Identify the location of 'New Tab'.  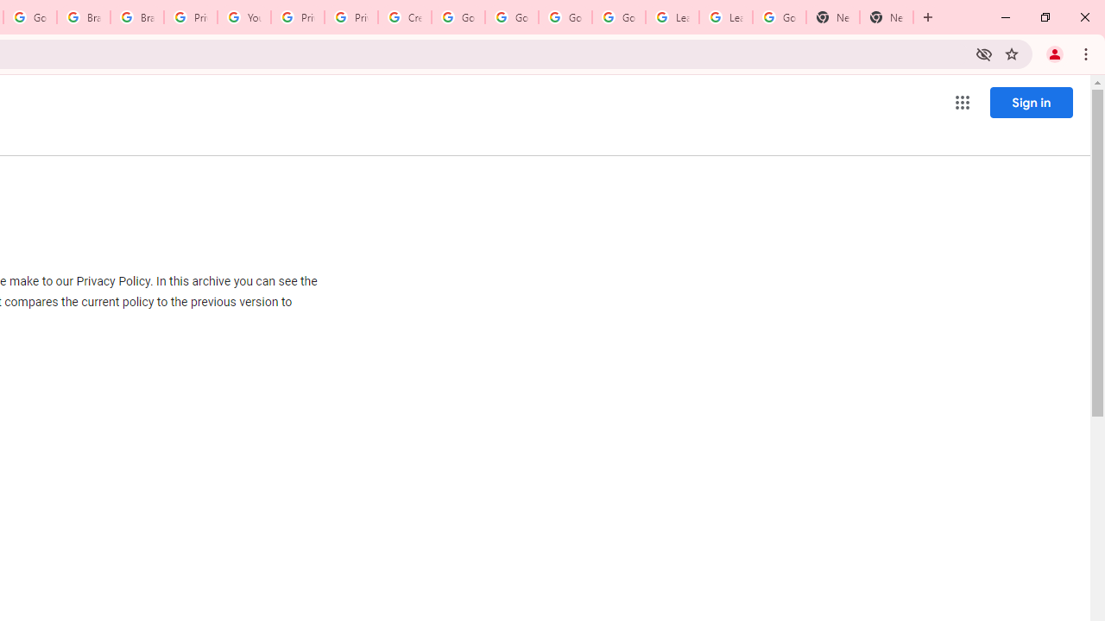
(887, 17).